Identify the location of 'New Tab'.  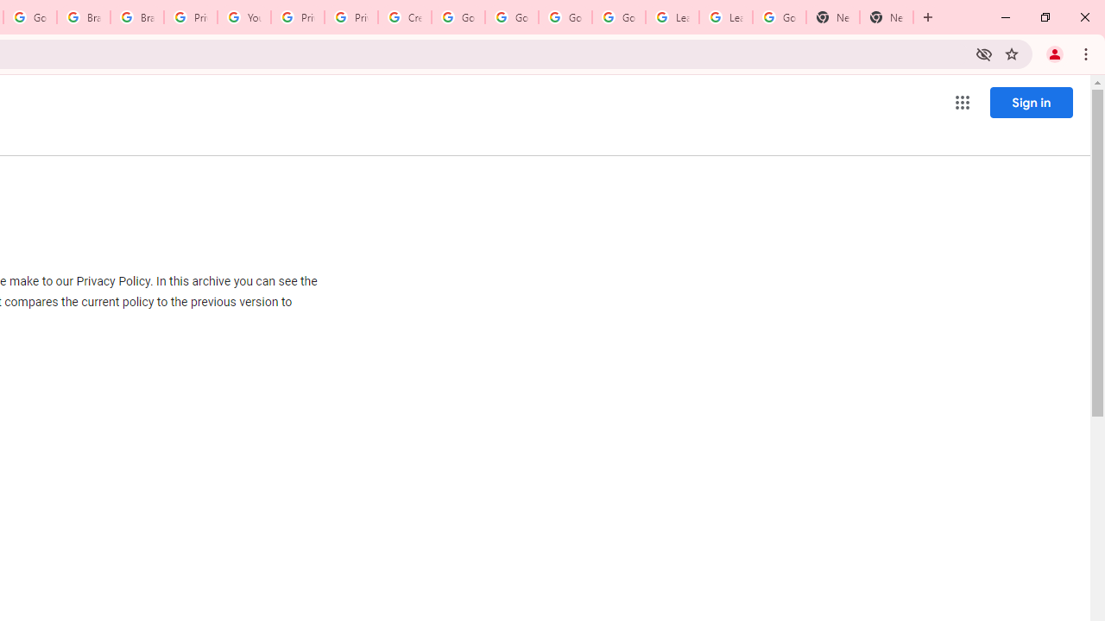
(887, 17).